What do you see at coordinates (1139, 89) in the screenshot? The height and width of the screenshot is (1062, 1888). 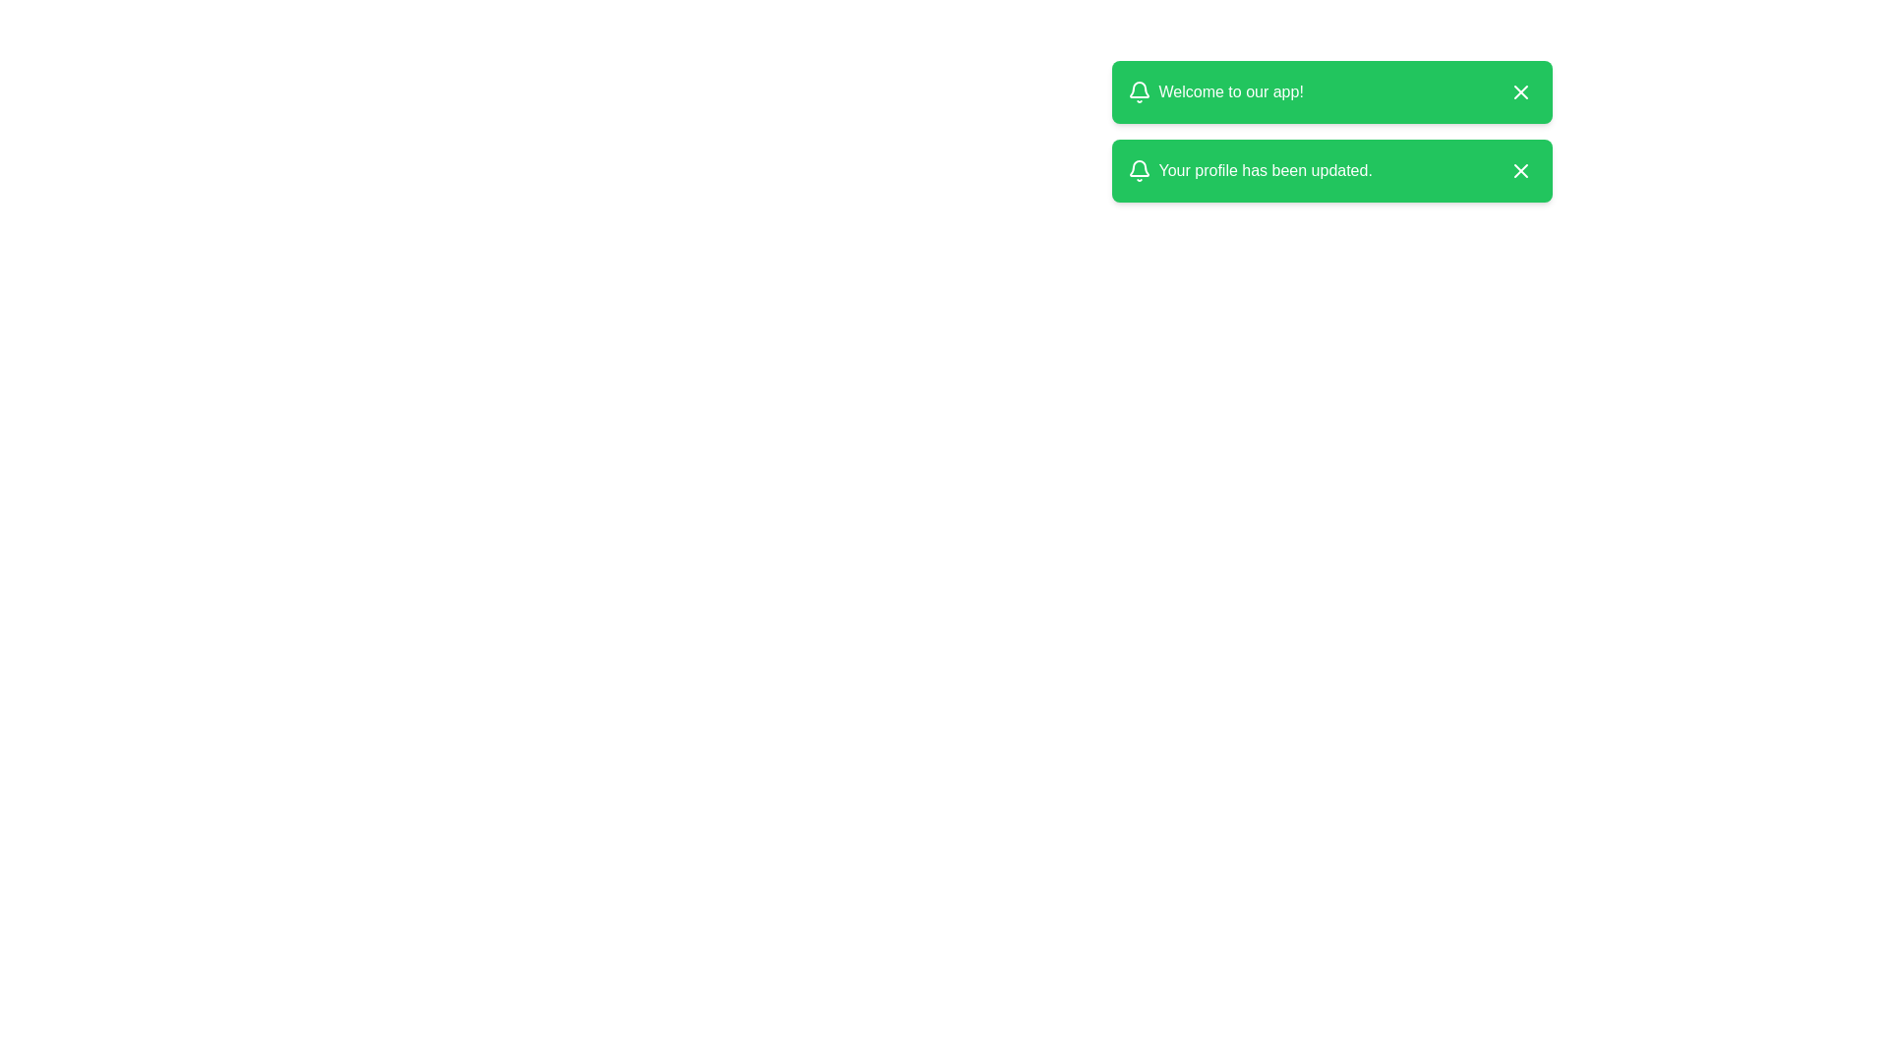 I see `the vector graphic icon representing notifications, located to the left of the text 'Your profile has been updated.' in the second green notification bar from the top` at bounding box center [1139, 89].